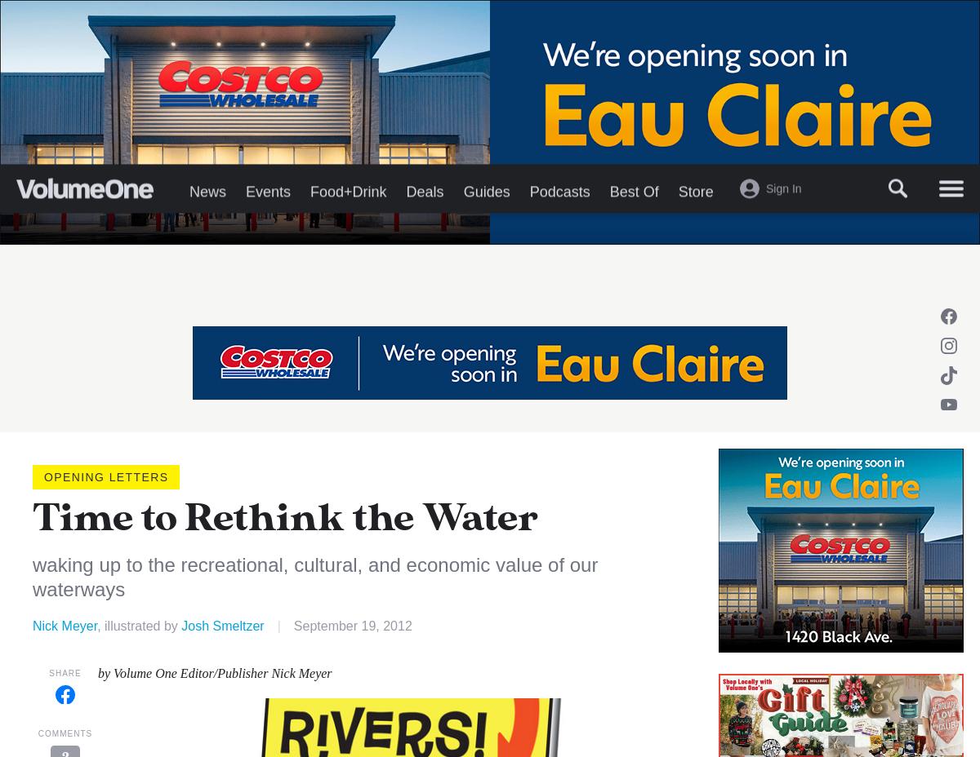 The height and width of the screenshot is (757, 980). I want to click on 'Events', so click(268, 271).